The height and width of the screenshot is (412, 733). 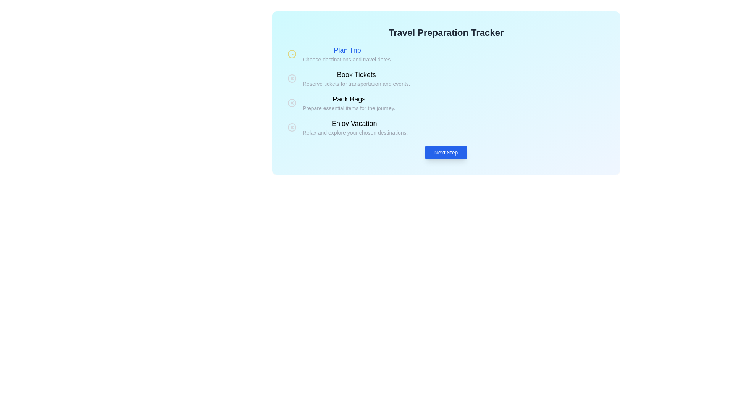 I want to click on the static text label displaying 'Reserve tickets for transportation and events.' positioned below the title 'Book Tickets' in the travel preparation tracker, so click(x=356, y=84).